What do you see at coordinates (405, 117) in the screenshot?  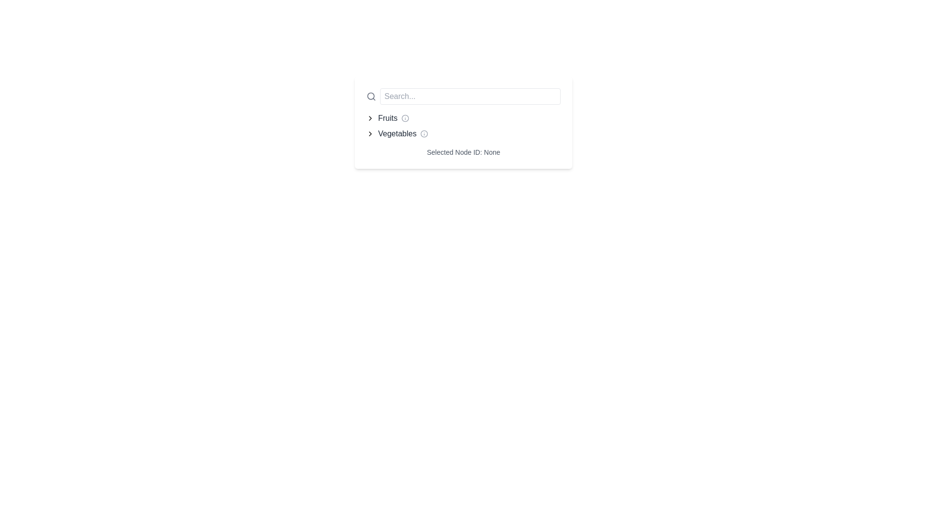 I see `the circular gray icon with a tooltip indicating 'Natural, sweet items', located to the immediate right of the word 'Fruits'` at bounding box center [405, 117].